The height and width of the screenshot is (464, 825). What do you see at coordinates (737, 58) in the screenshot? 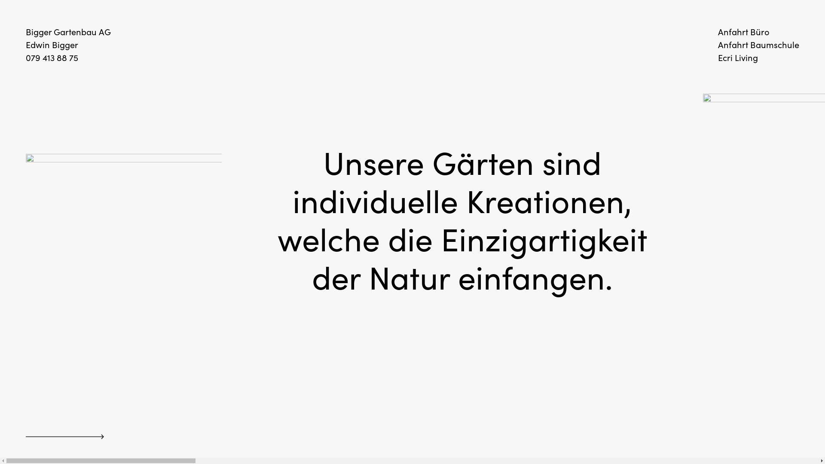
I see `'Ecri Living'` at bounding box center [737, 58].